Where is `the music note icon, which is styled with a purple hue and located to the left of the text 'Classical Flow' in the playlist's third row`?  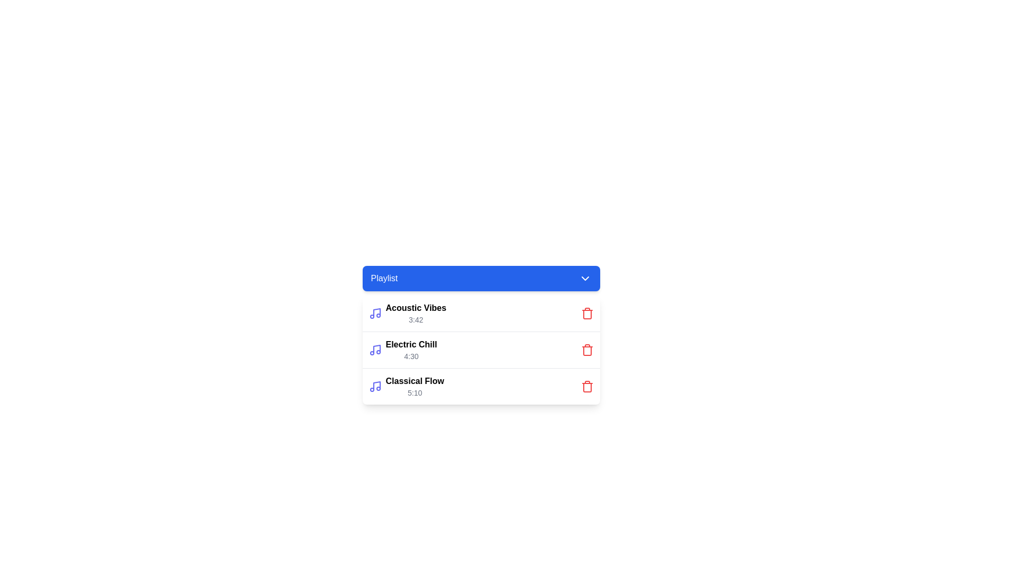 the music note icon, which is styled with a purple hue and located to the left of the text 'Classical Flow' in the playlist's third row is located at coordinates (375, 386).